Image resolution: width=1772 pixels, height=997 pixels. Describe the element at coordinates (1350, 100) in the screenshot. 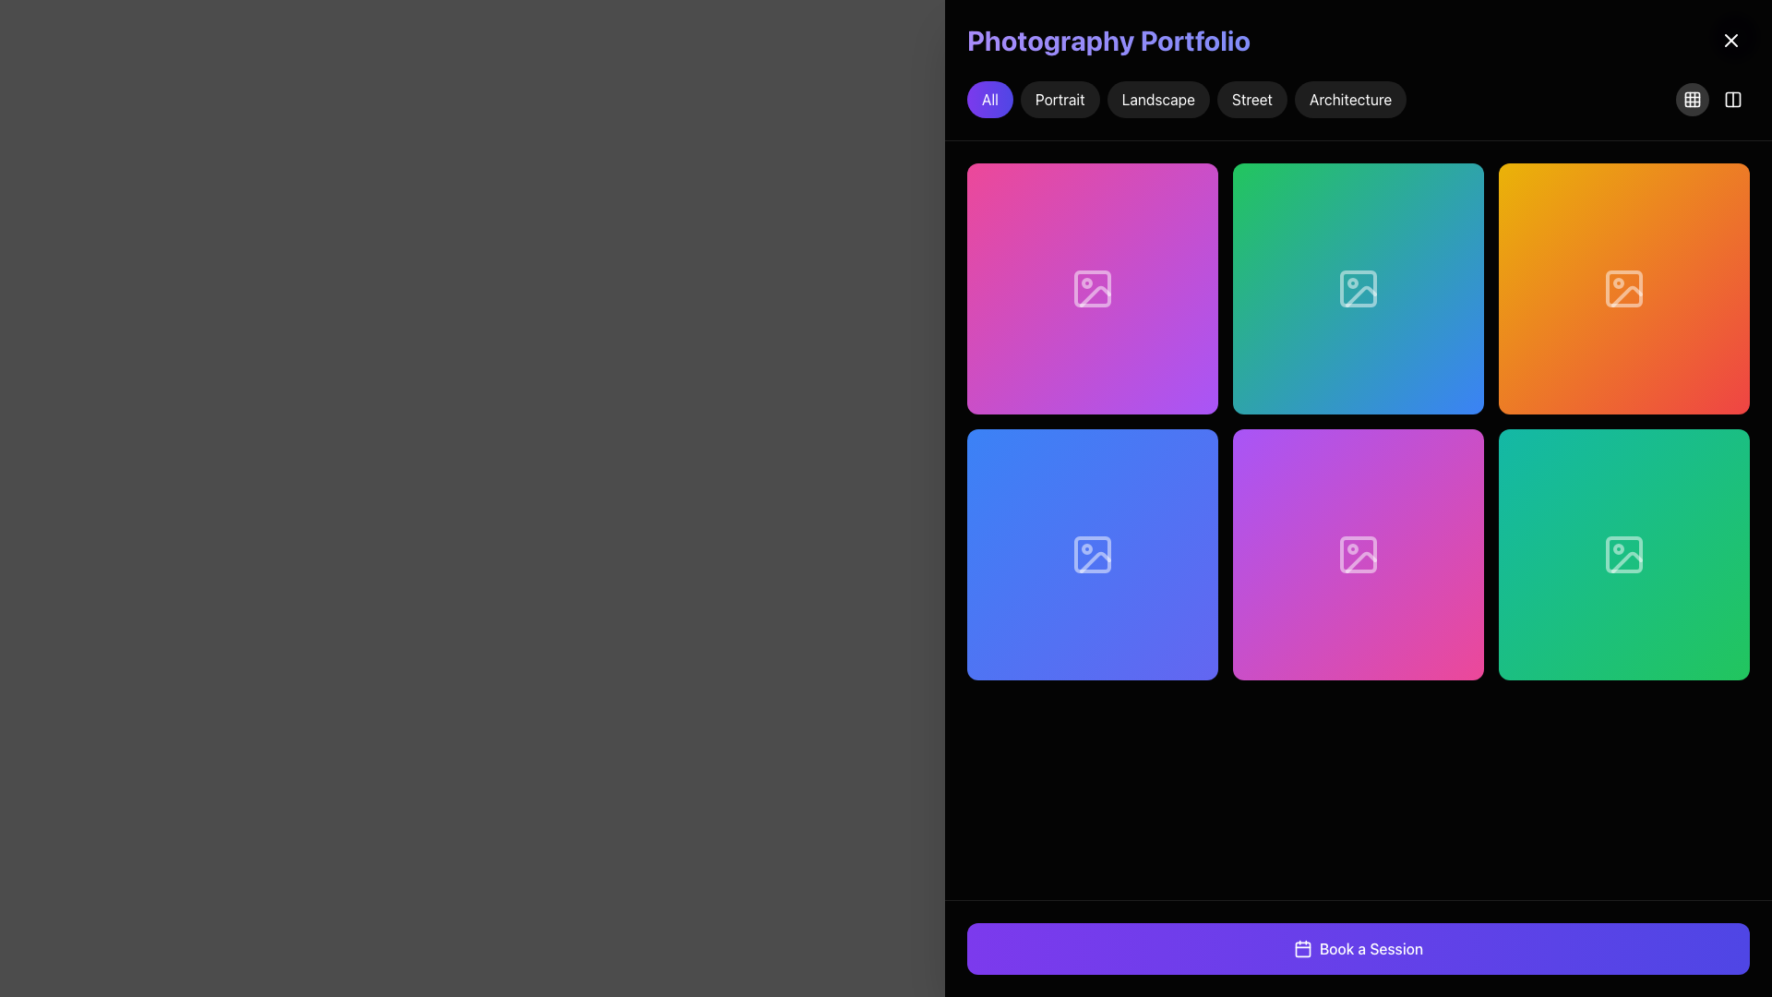

I see `the rightmost button in the row of category buttons` at that location.